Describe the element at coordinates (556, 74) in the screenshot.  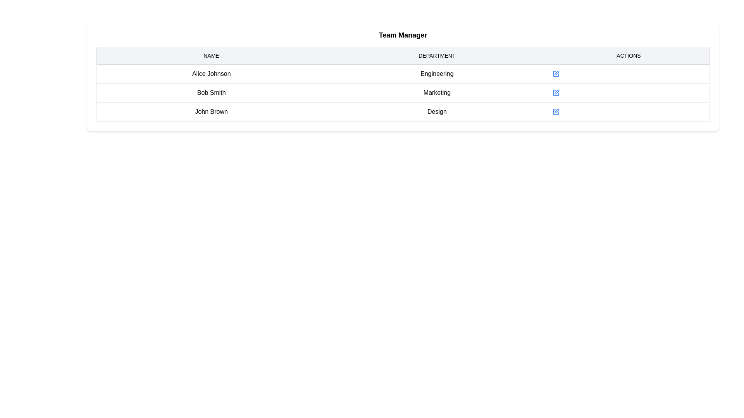
I see `the edit icon button in the 'Actions' column of the first row for the entry 'Alice Johnson'` at that location.